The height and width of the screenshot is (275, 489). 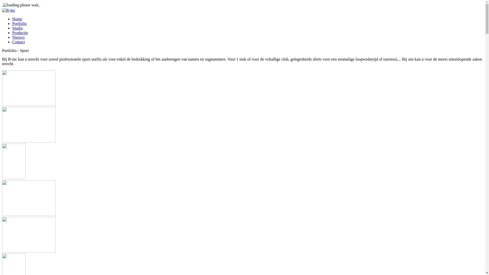 What do you see at coordinates (12, 28) in the screenshot?
I see `'Studio'` at bounding box center [12, 28].